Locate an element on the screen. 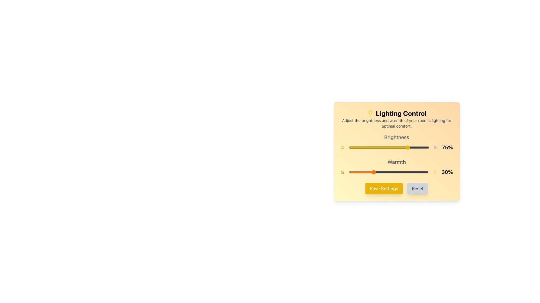 This screenshot has width=540, height=303. warmth is located at coordinates (385, 172).